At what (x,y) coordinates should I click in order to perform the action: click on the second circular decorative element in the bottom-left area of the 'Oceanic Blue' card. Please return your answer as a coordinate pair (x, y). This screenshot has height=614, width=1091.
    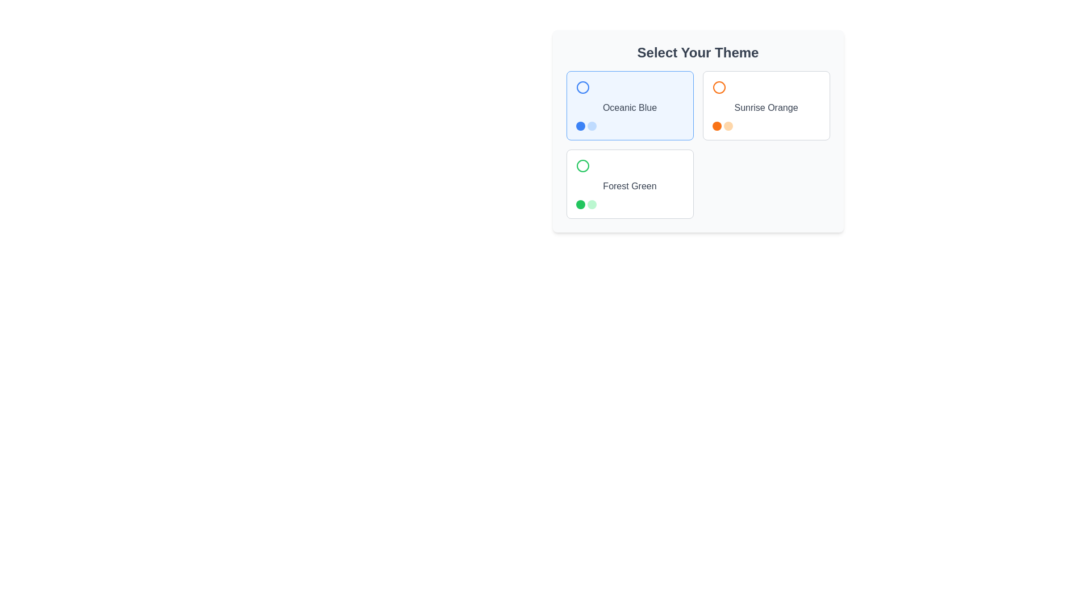
    Looking at the image, I should click on (591, 126).